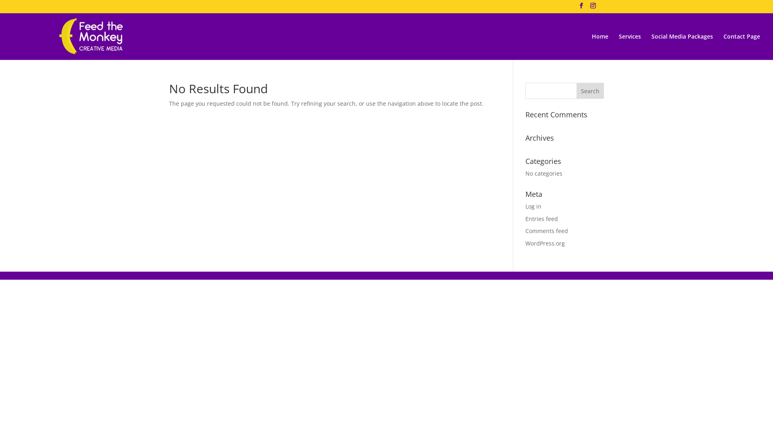  What do you see at coordinates (651, 47) in the screenshot?
I see `'Social Media Packages'` at bounding box center [651, 47].